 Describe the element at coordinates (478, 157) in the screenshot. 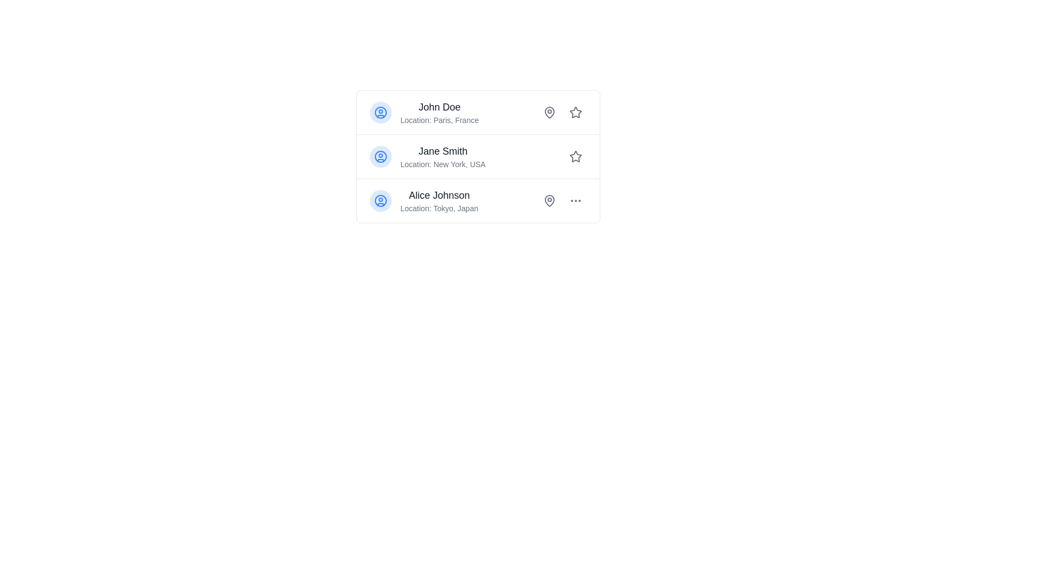

I see `the second list item containing user names and locations by moving the cursor to its center point` at that location.